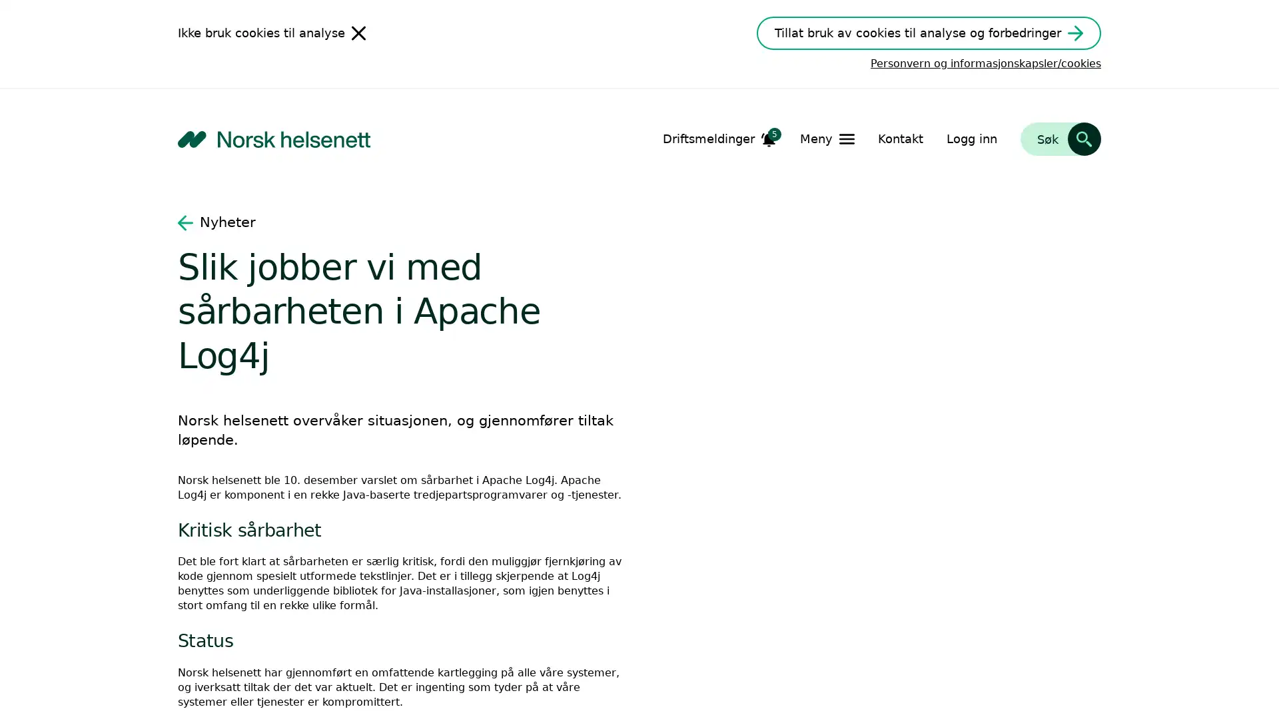  Describe the element at coordinates (827, 138) in the screenshot. I see `Apne Meny` at that location.